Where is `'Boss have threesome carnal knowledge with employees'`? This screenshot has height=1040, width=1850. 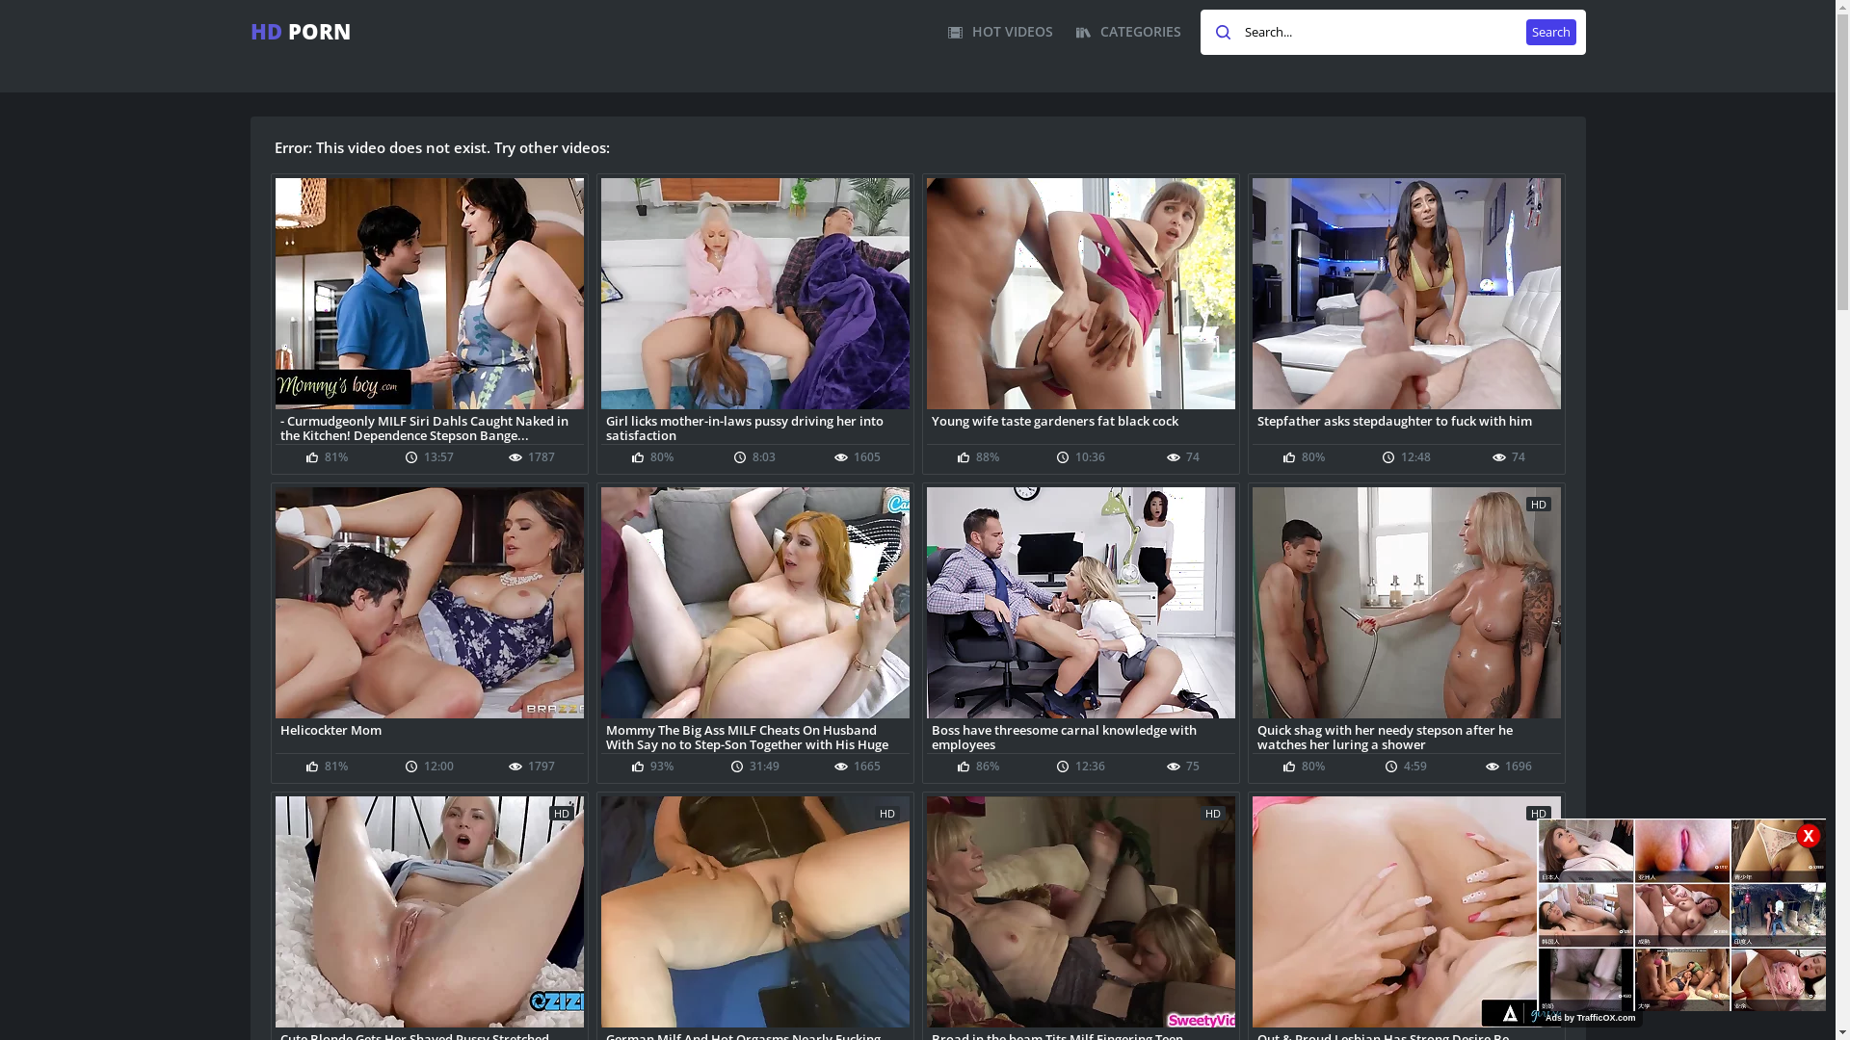 'Boss have threesome carnal knowledge with employees' is located at coordinates (1081, 736).